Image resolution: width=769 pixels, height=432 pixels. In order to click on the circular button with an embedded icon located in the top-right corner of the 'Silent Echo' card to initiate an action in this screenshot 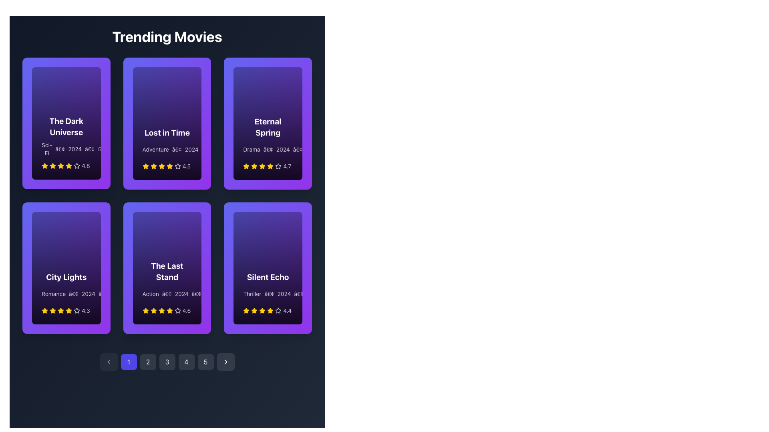, I will do `click(298, 219)`.